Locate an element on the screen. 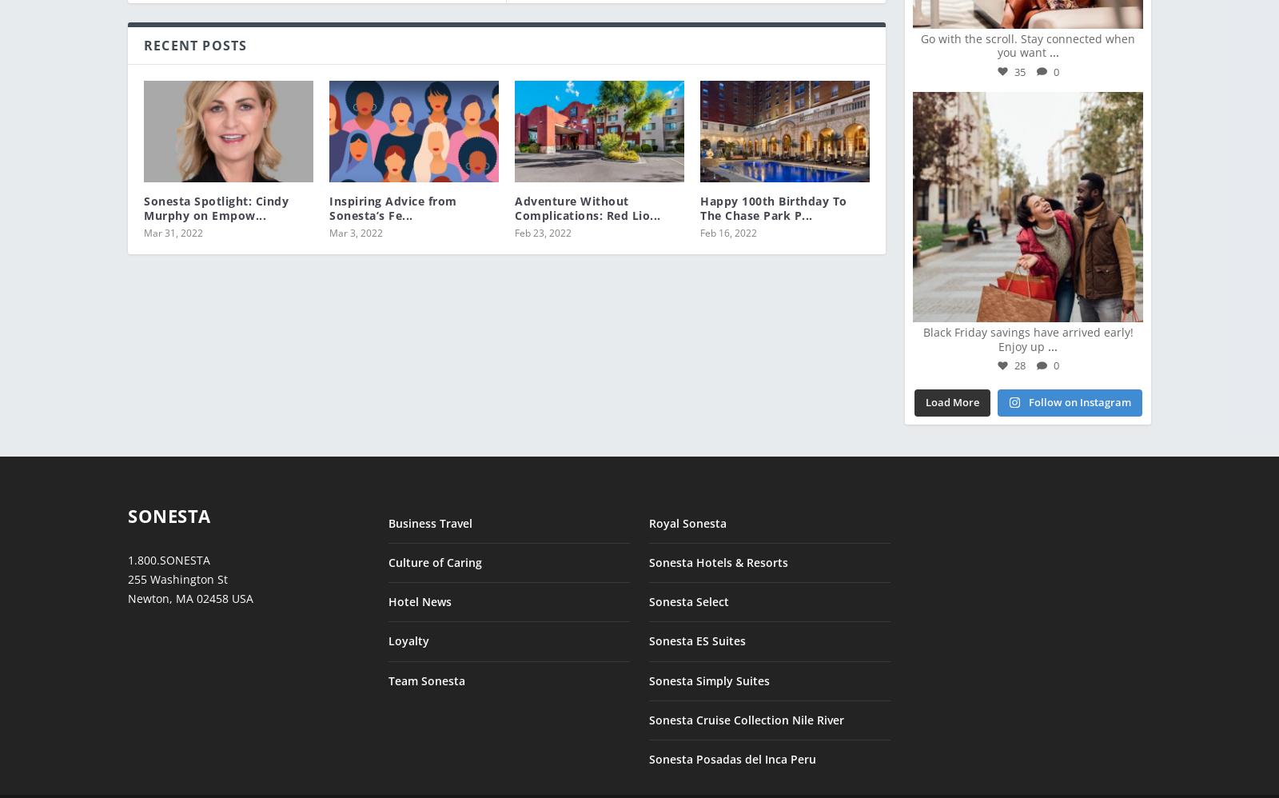 The height and width of the screenshot is (798, 1279). 'Load More' is located at coordinates (924, 390).